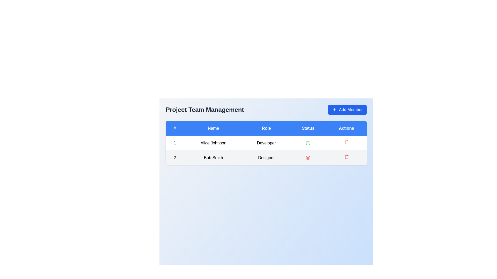 The image size is (497, 279). What do you see at coordinates (346, 142) in the screenshot?
I see `the trash icon in the second row of the 'Actions' column in the 'Project Team Management' table` at bounding box center [346, 142].